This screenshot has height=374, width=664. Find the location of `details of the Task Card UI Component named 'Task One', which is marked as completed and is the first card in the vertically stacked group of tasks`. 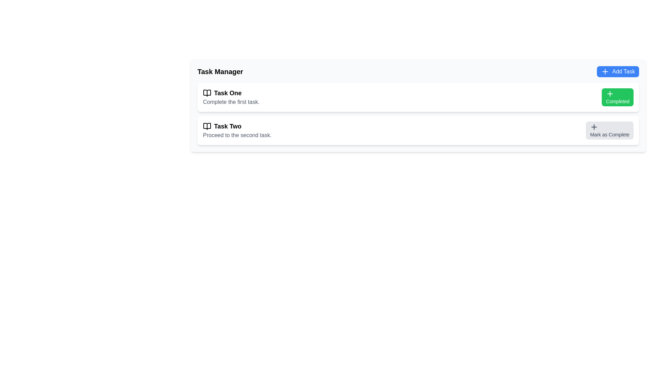

details of the Task Card UI Component named 'Task One', which is marked as completed and is the first card in the vertically stacked group of tasks is located at coordinates (418, 97).